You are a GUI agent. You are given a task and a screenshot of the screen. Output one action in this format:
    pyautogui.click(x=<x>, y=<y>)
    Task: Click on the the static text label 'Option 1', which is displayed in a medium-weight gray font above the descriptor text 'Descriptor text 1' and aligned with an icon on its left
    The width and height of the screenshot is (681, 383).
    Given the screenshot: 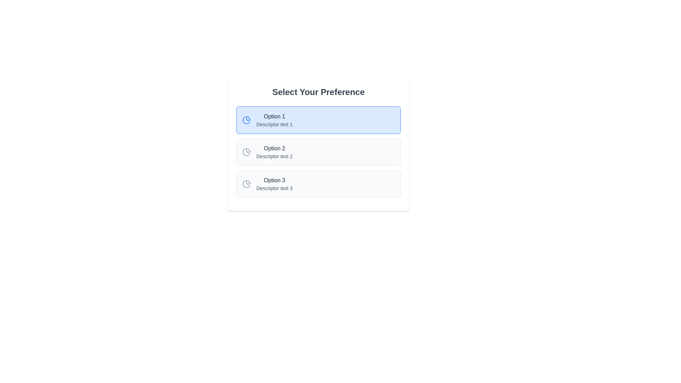 What is the action you would take?
    pyautogui.click(x=274, y=116)
    